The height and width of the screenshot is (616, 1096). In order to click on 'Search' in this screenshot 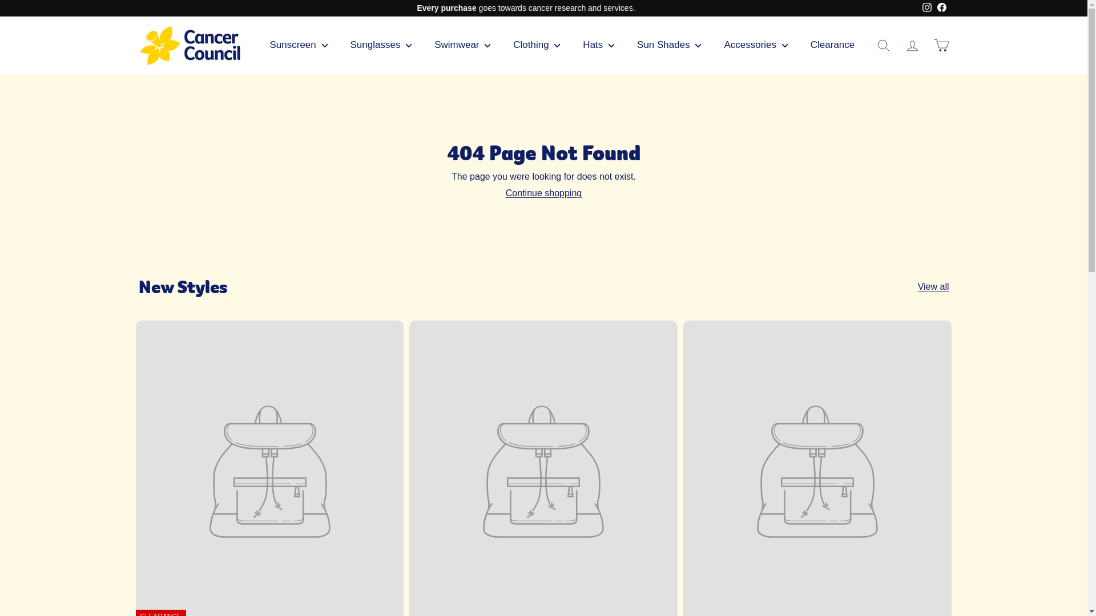, I will do `click(883, 44)`.